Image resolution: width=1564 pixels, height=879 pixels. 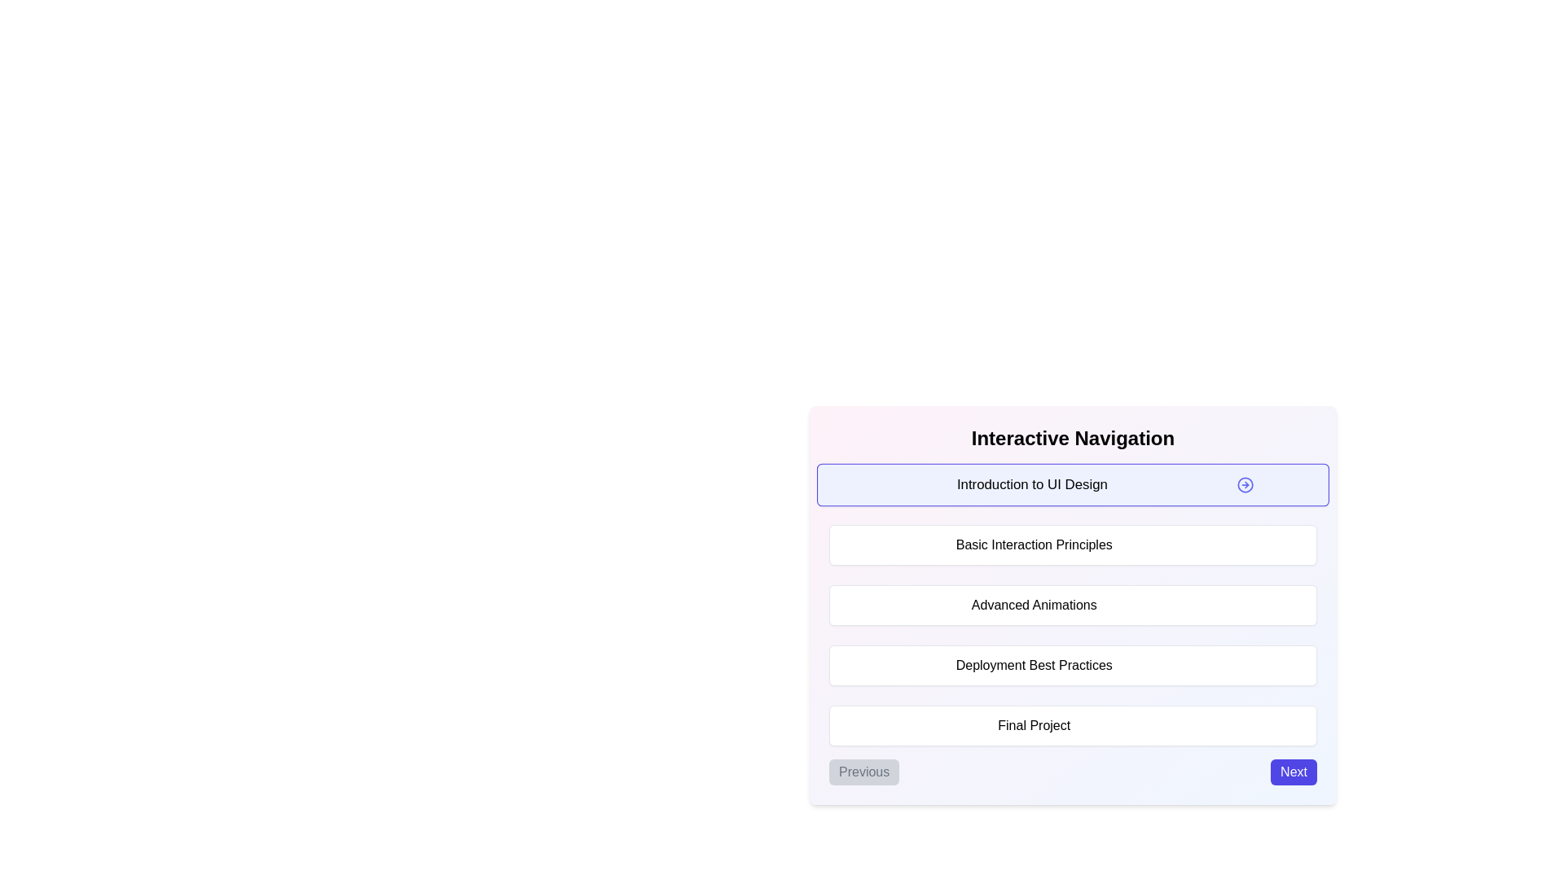 I want to click on the 'Next' button to navigate to the next step, so click(x=1293, y=771).